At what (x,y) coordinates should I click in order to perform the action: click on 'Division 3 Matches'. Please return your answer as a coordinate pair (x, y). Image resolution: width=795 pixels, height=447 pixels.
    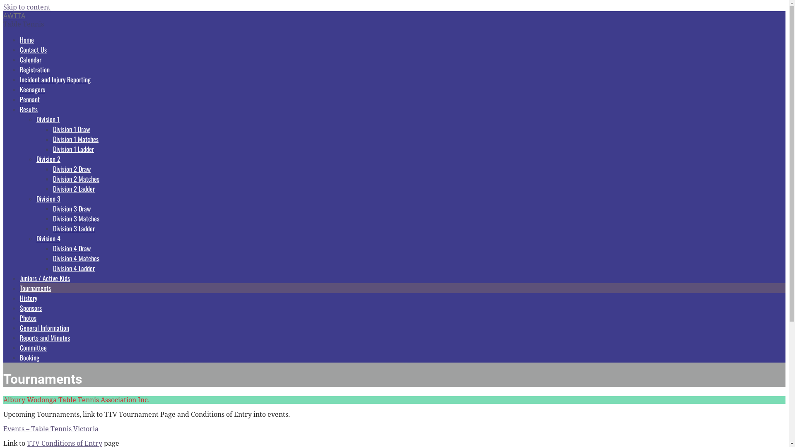
    Looking at the image, I should click on (76, 218).